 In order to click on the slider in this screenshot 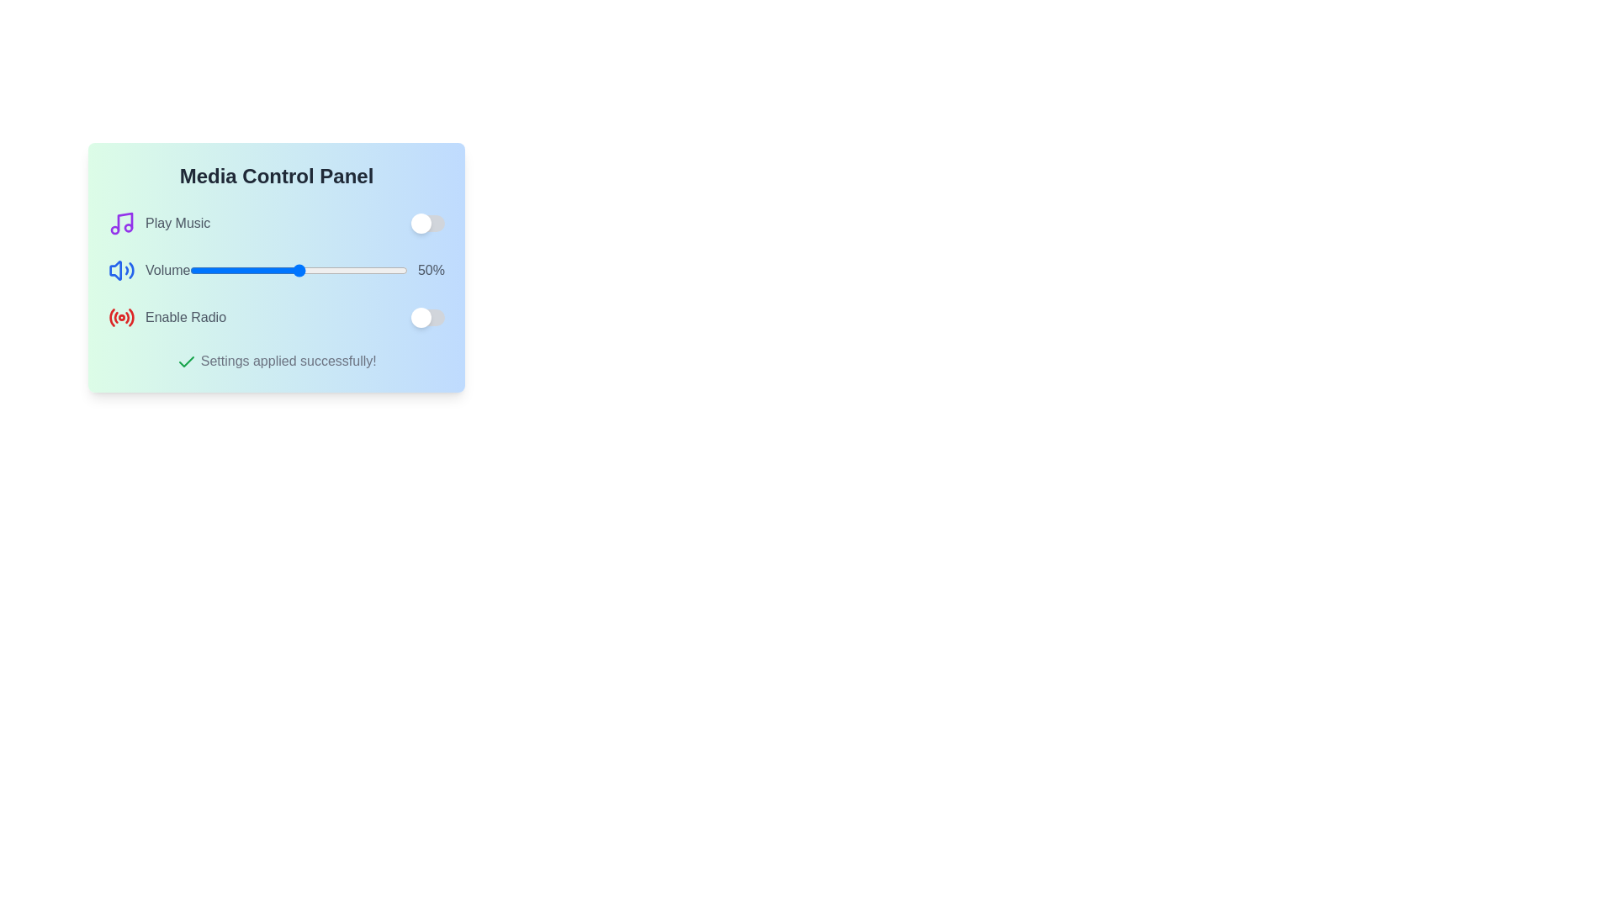, I will do `click(300, 269)`.